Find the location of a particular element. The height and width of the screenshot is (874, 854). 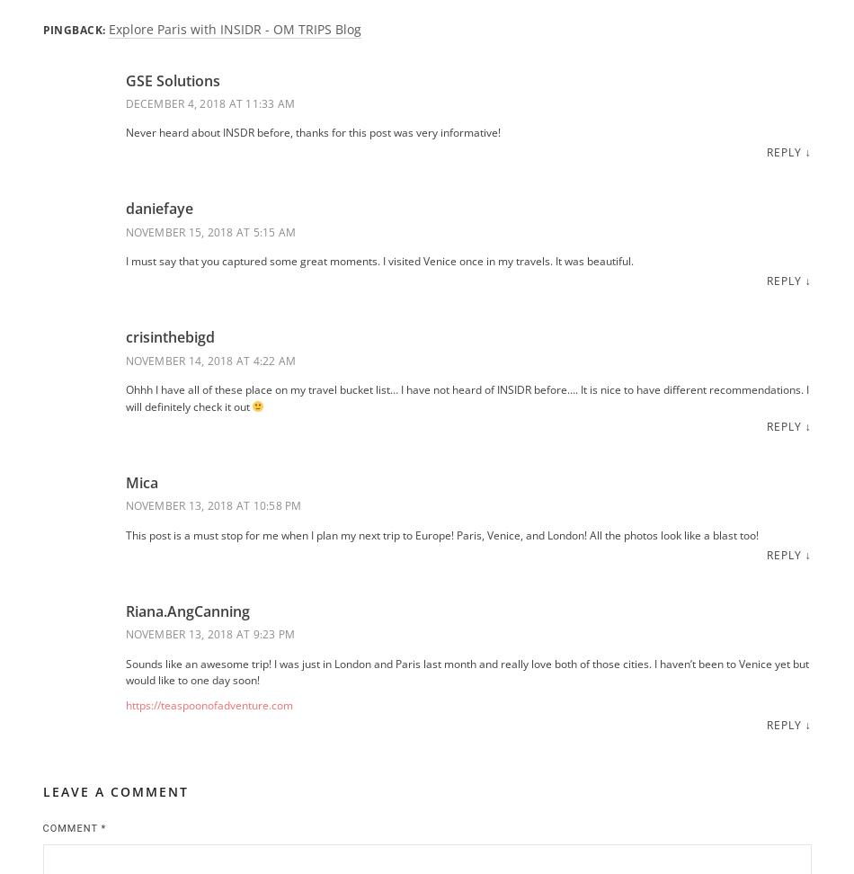

'November 14, 2018									at									4:22 am' is located at coordinates (209, 360).